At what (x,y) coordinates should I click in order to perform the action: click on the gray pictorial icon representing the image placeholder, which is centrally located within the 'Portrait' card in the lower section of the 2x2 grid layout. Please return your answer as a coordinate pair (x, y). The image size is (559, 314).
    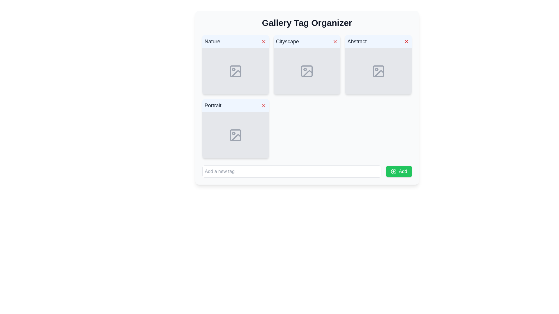
    Looking at the image, I should click on (236, 135).